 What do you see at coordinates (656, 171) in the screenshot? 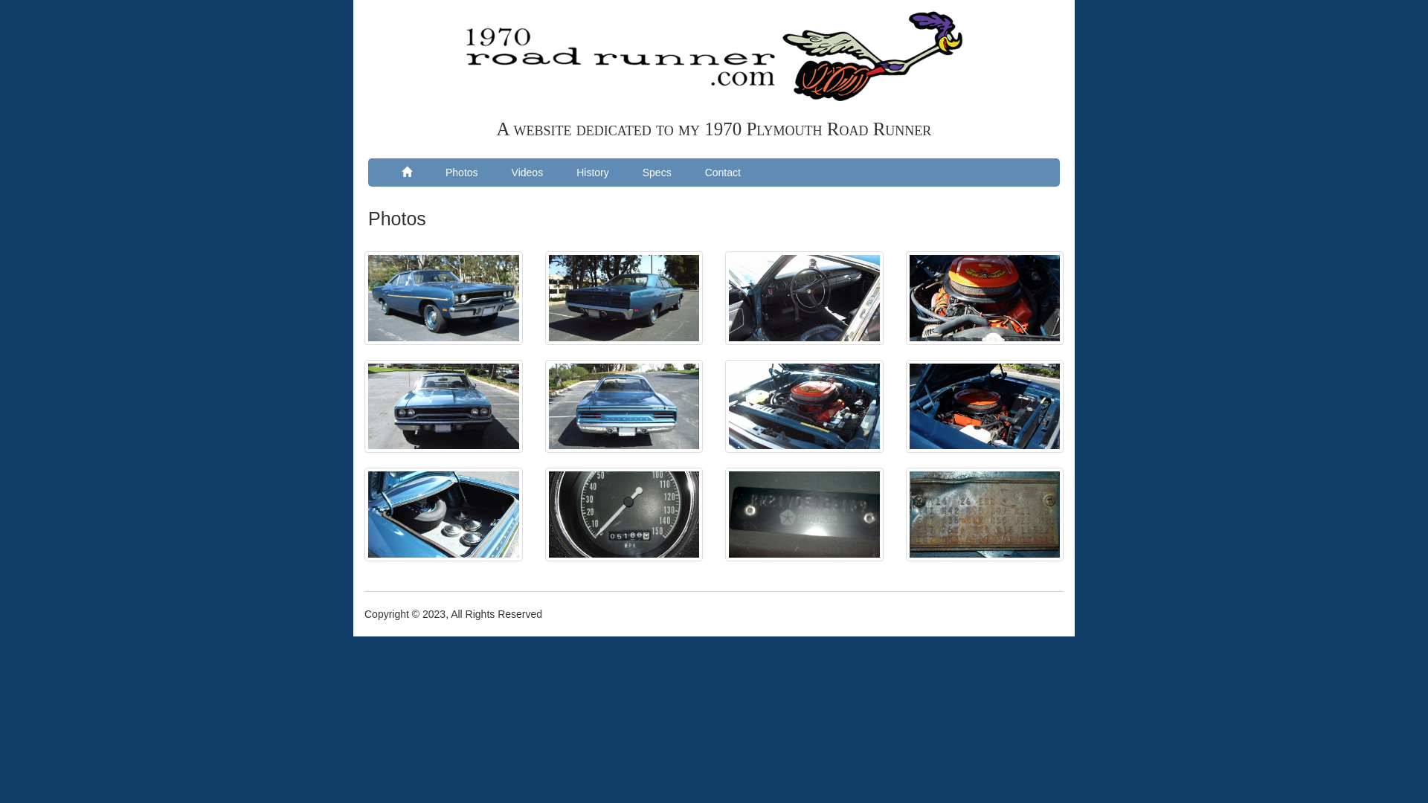
I see `'Specs'` at bounding box center [656, 171].